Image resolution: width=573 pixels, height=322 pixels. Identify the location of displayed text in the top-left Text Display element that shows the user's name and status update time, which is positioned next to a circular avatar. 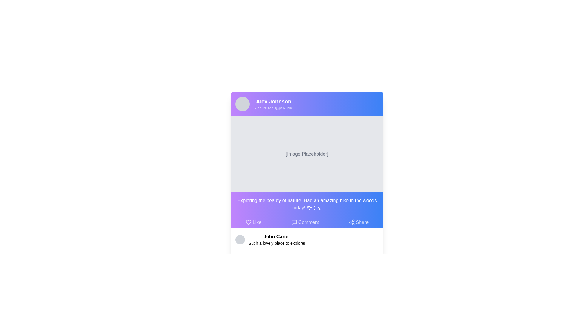
(273, 103).